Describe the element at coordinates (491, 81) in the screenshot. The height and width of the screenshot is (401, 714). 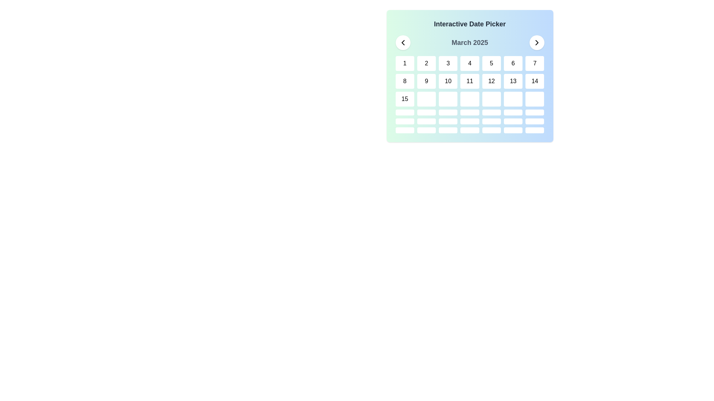
I see `the selectable button representing the 12th day of the month in the date picker interface to trigger the hover effect` at that location.